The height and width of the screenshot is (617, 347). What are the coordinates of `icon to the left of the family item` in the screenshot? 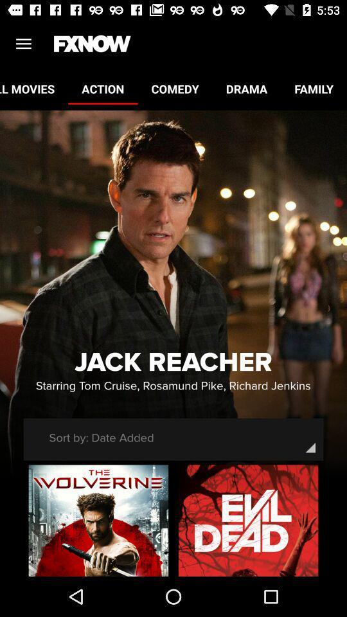 It's located at (246, 88).